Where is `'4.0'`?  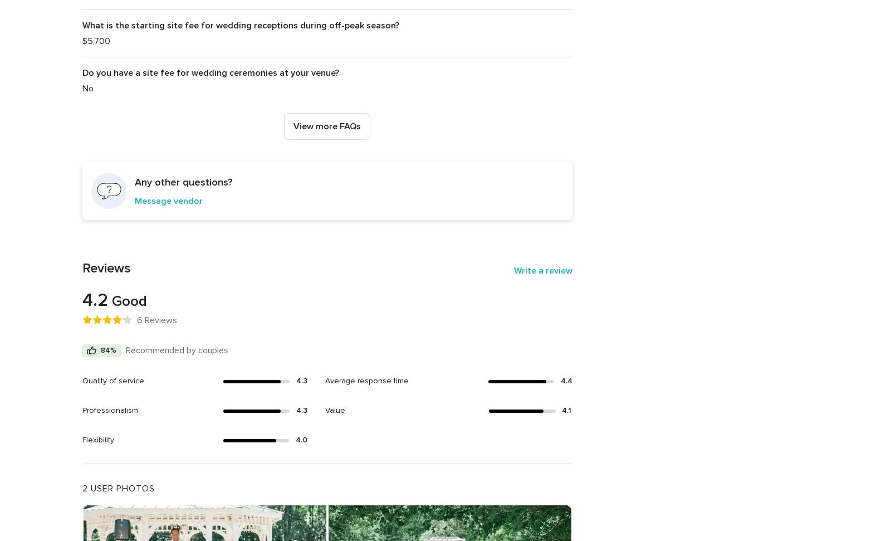 '4.0' is located at coordinates (300, 440).